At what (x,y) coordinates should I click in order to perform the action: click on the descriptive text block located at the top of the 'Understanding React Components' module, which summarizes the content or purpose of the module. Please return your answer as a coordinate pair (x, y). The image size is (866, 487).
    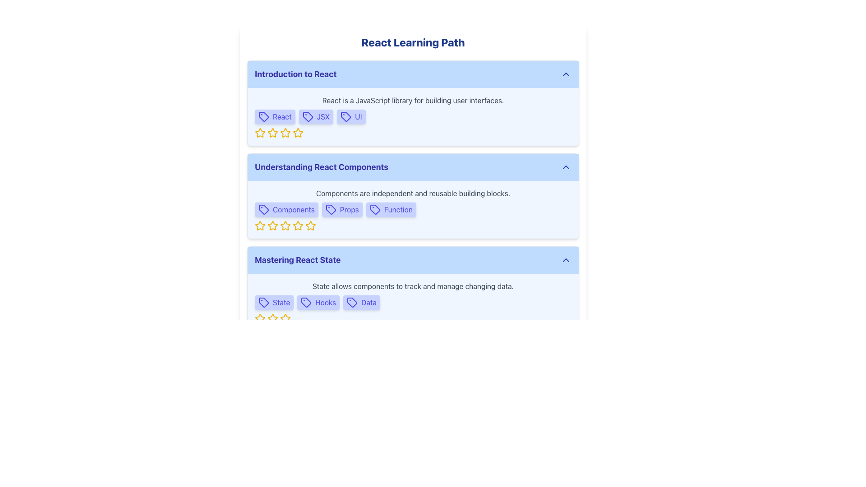
    Looking at the image, I should click on (413, 193).